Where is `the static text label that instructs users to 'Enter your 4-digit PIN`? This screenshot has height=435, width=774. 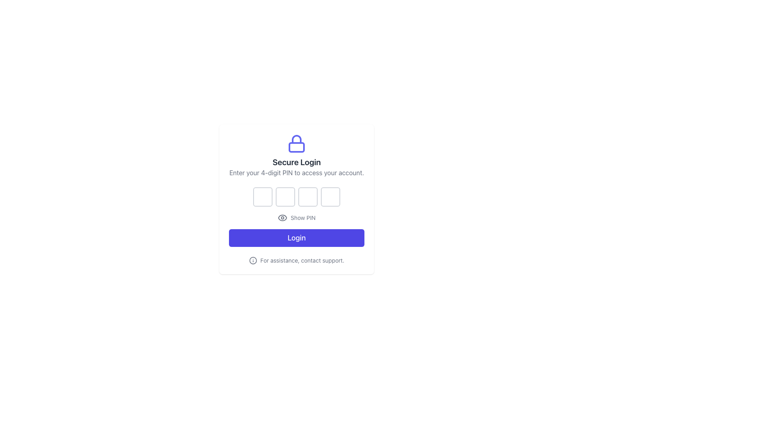 the static text label that instructs users to 'Enter your 4-digit PIN is located at coordinates (296, 172).